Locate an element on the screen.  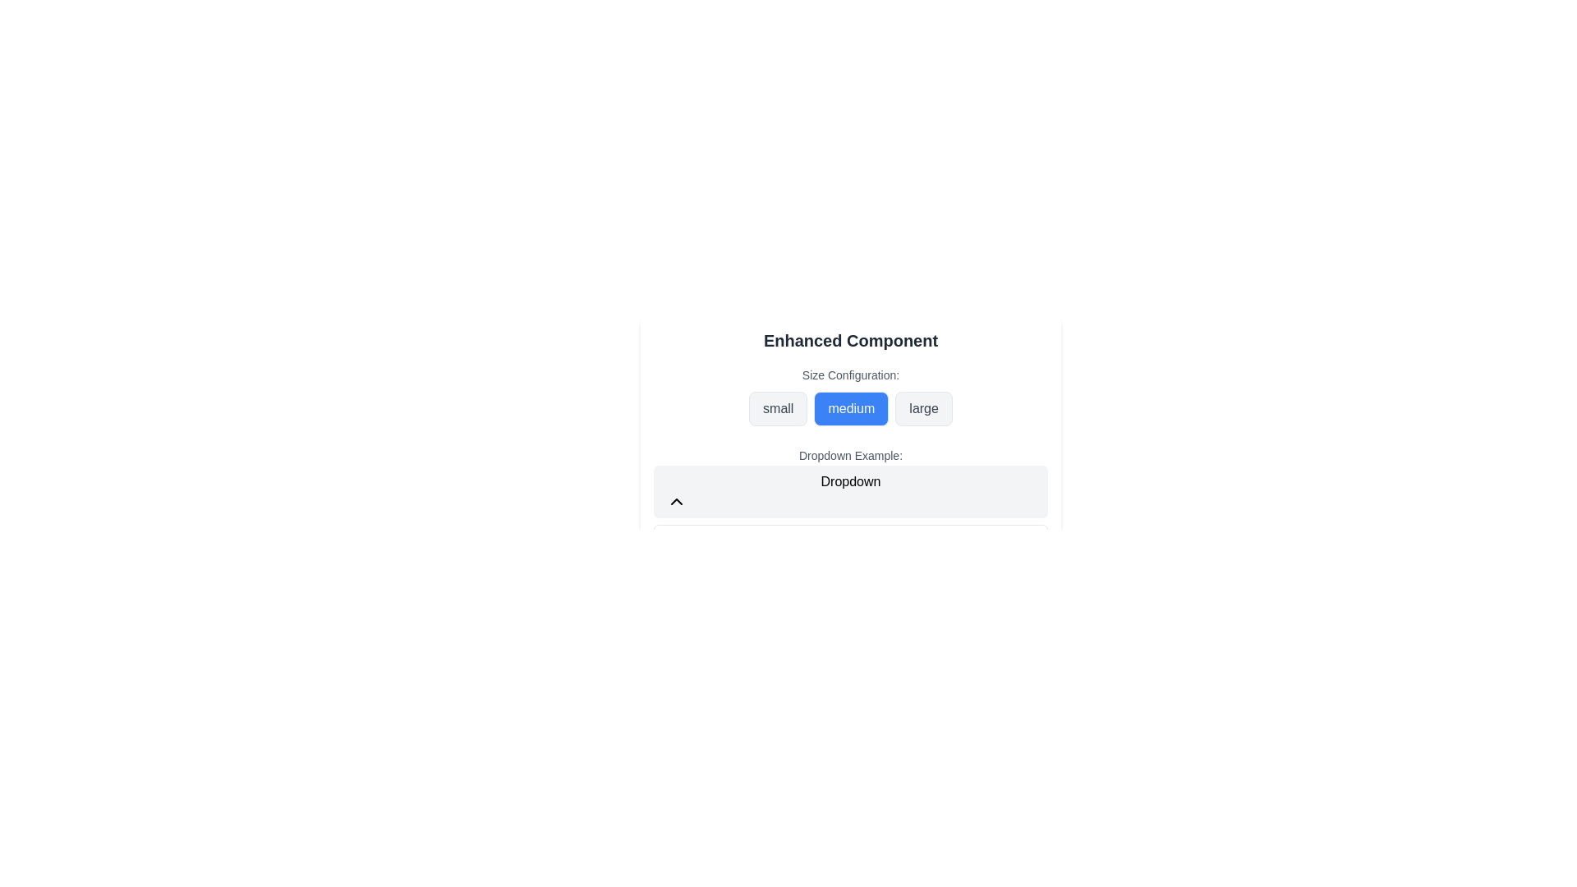
the dropdown toggle button located below the label 'Dropdown Example:' is located at coordinates (851, 490).